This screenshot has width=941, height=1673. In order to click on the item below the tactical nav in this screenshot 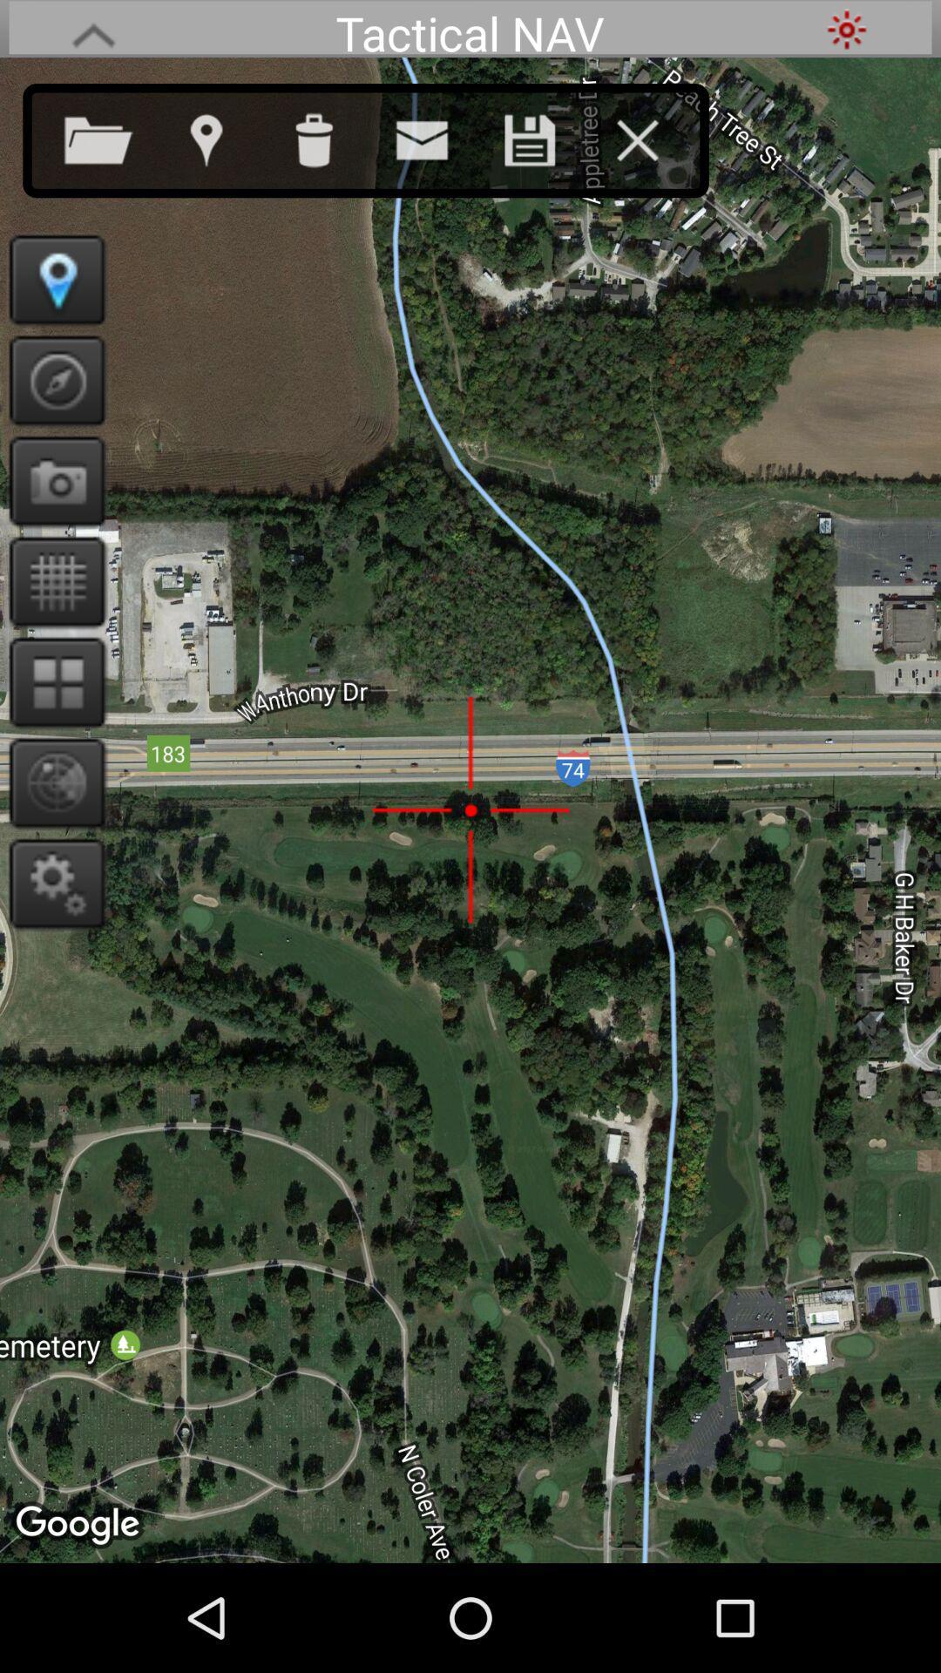, I will do `click(438, 136)`.